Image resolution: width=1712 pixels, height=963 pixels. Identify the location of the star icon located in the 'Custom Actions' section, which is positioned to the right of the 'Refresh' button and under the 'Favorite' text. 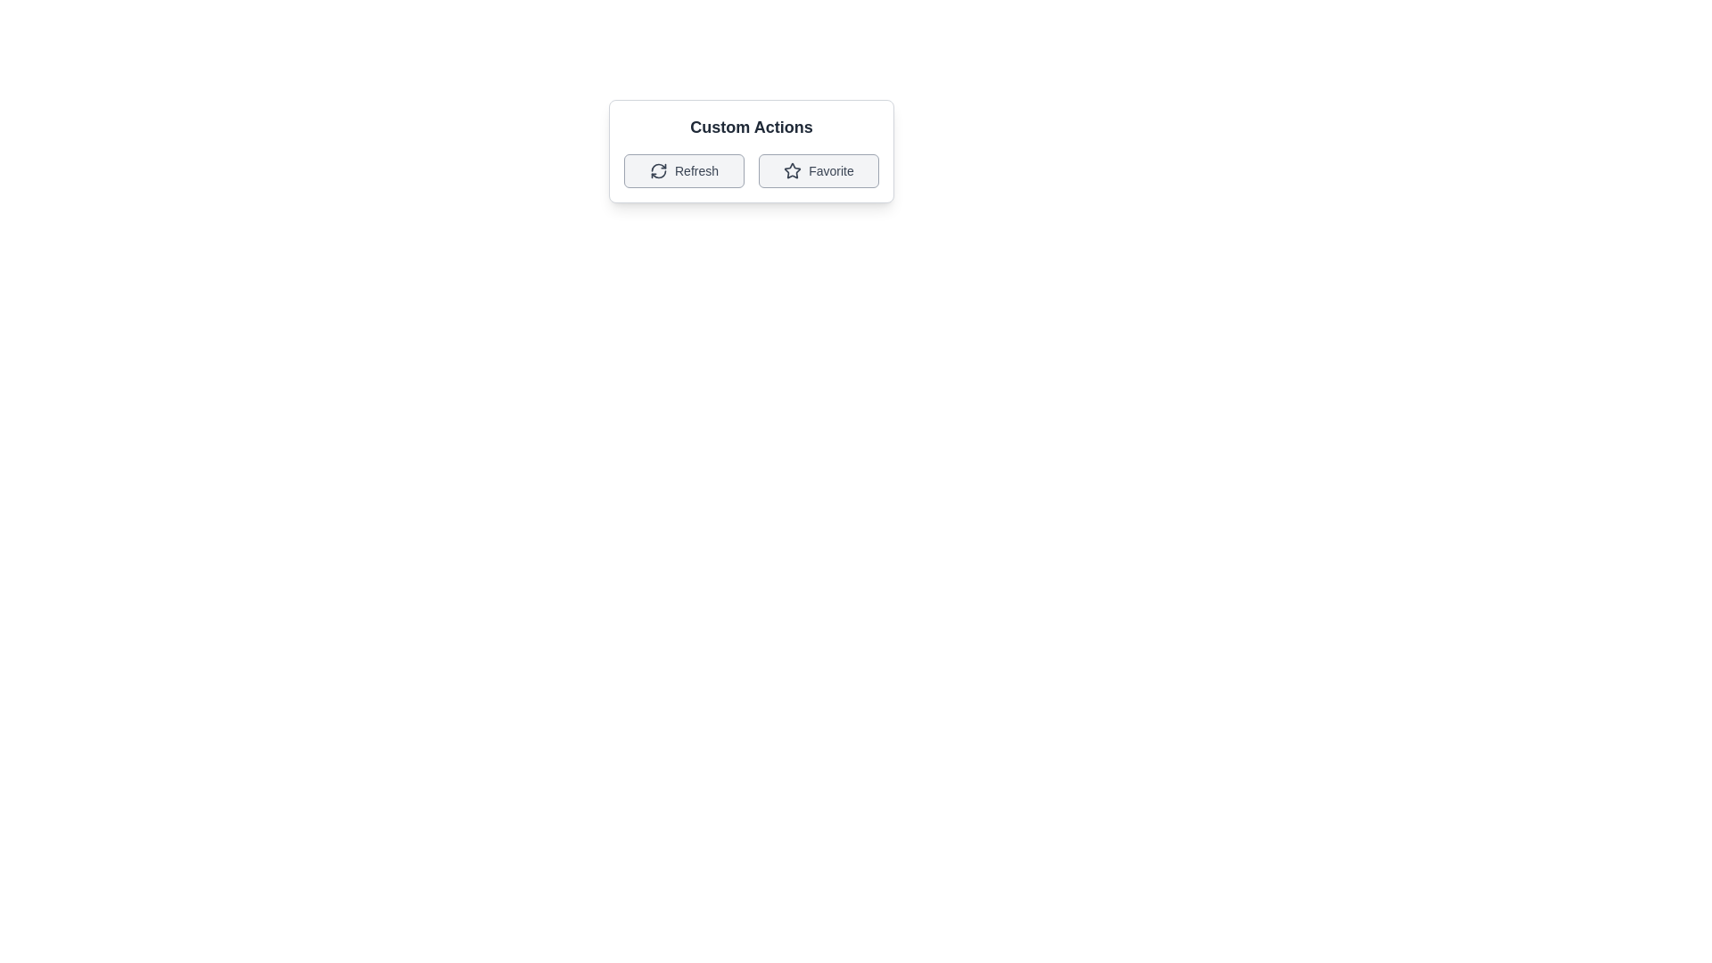
(792, 170).